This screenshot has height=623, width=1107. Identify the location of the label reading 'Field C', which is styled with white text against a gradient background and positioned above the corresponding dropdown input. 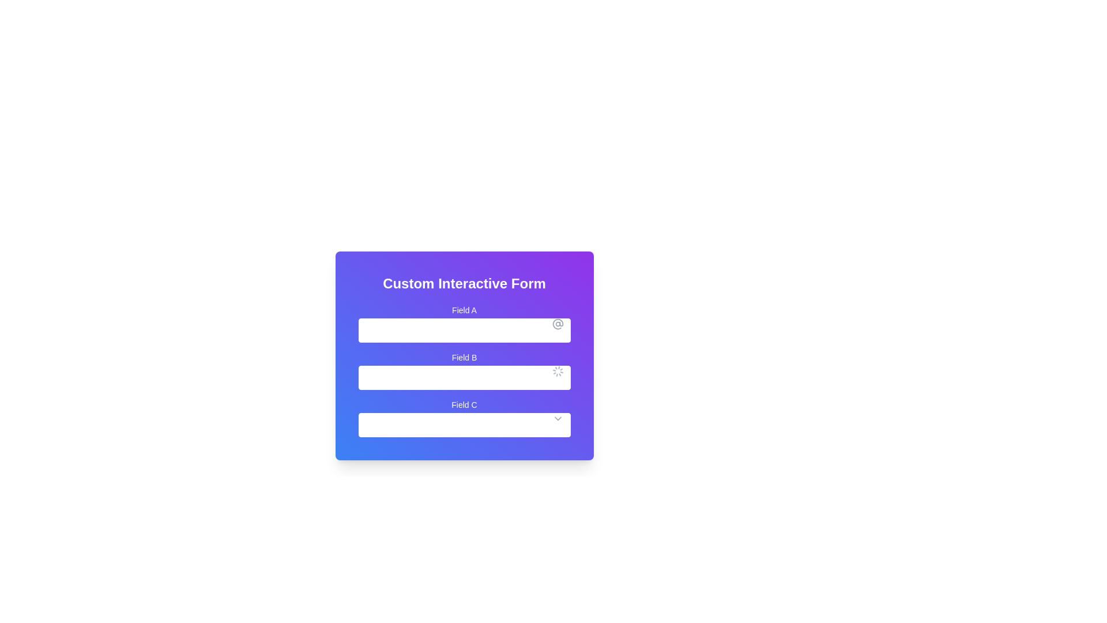
(464, 404).